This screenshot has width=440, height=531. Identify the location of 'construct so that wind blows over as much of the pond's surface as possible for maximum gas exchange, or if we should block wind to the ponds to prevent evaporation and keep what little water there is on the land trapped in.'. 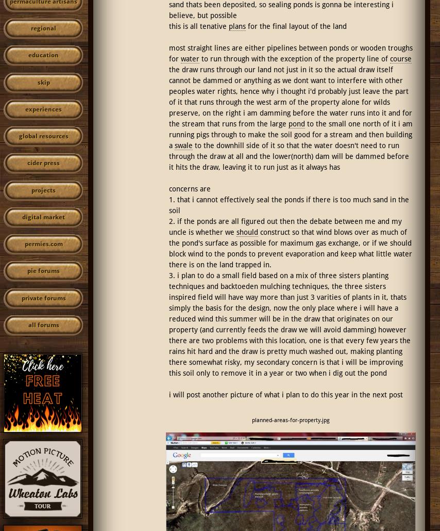
(167, 248).